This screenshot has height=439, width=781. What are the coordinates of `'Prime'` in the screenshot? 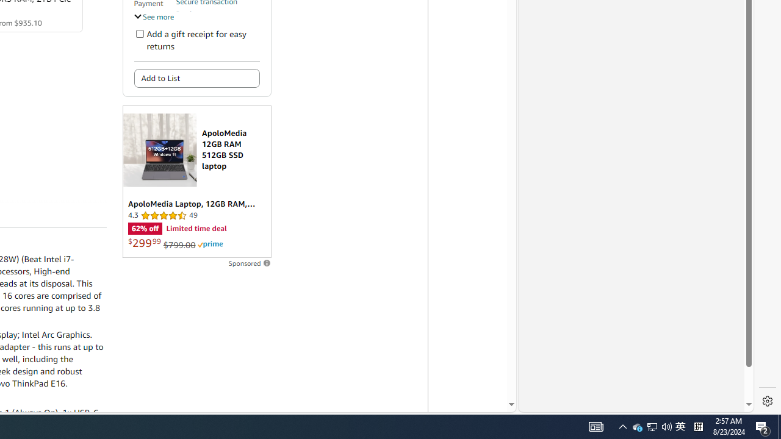 It's located at (210, 244).